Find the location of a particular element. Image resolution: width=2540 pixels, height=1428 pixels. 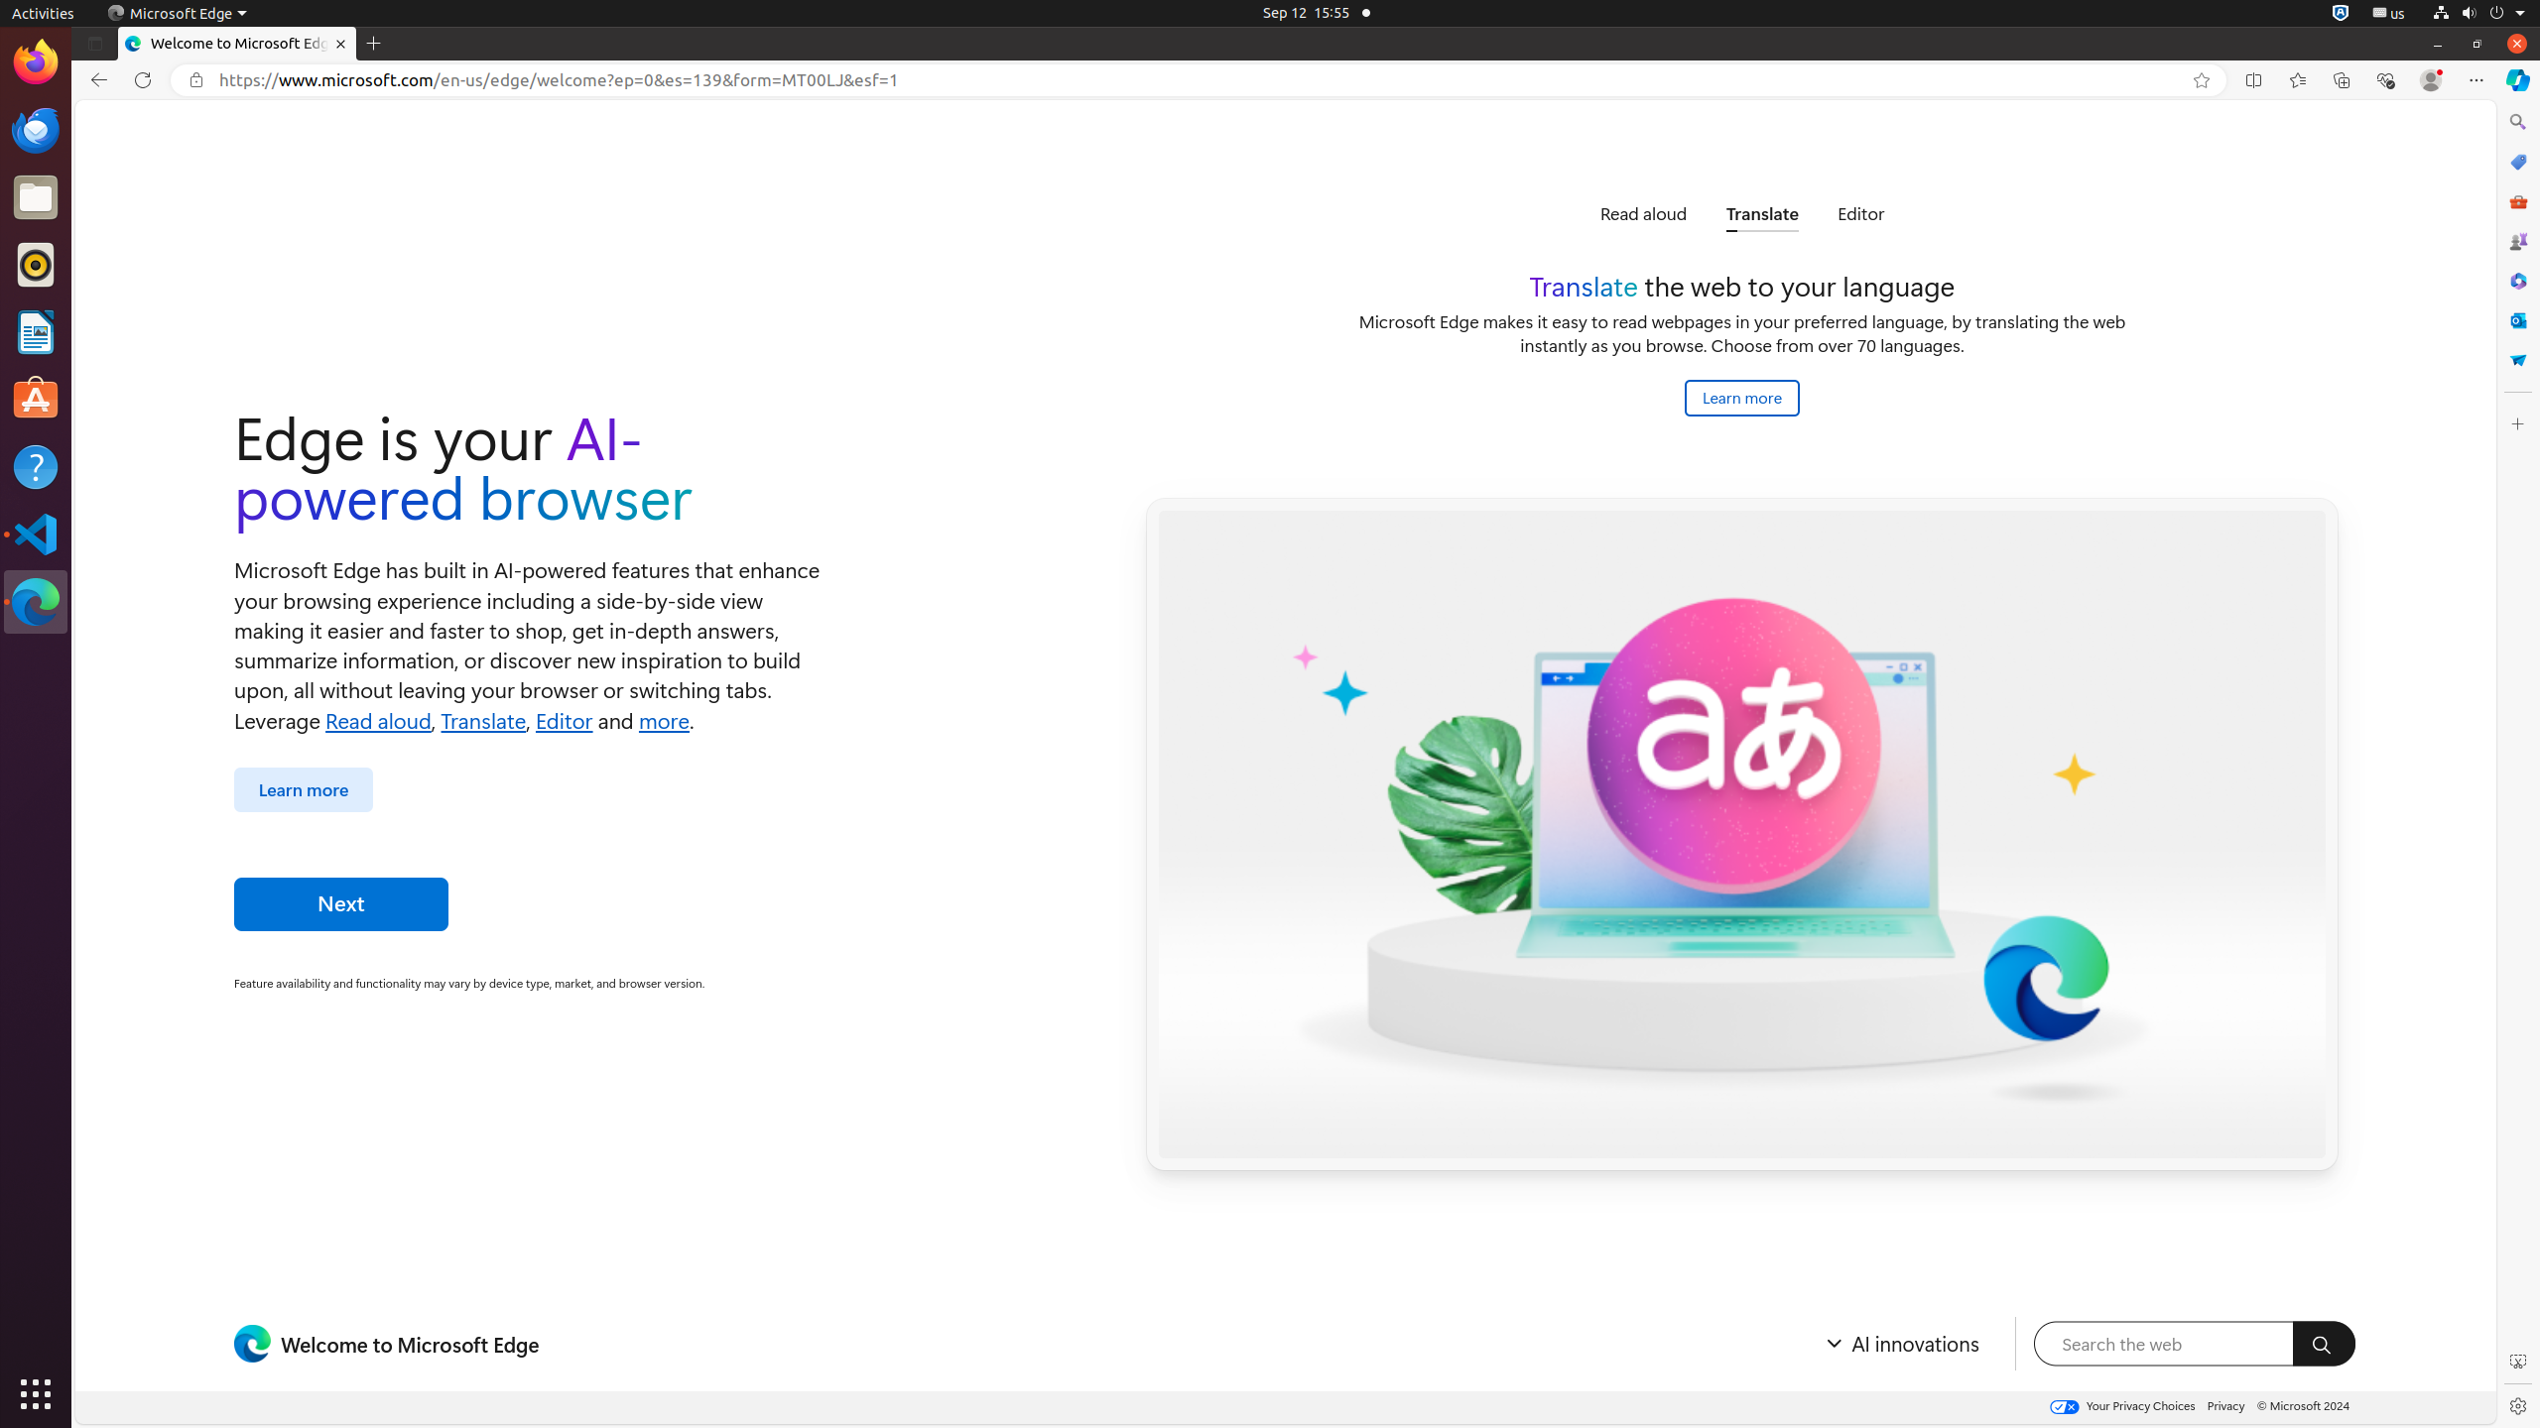

'LibreOffice Writer' is located at coordinates (36, 330).